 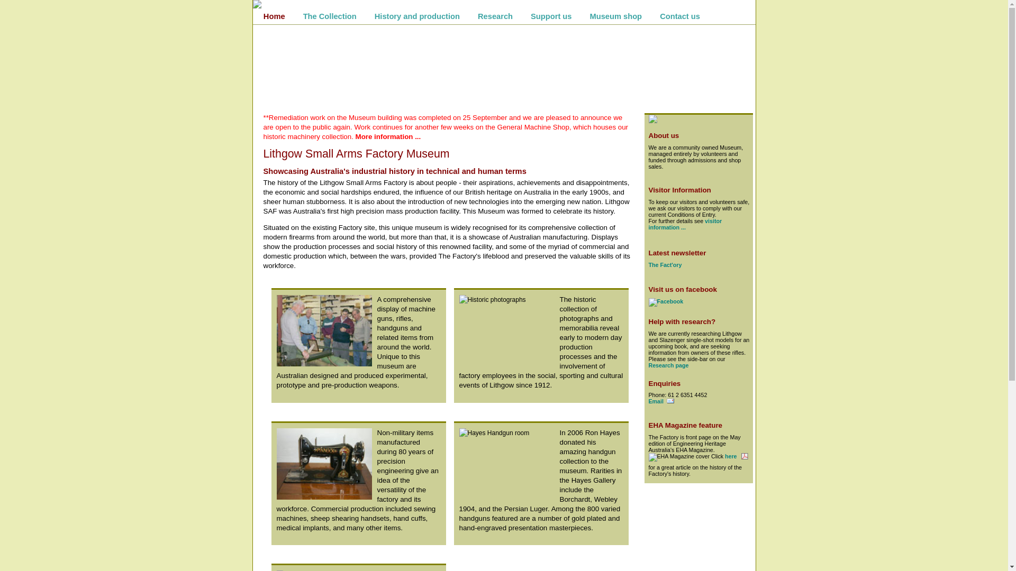 I want to click on 'Email', so click(x=660, y=401).